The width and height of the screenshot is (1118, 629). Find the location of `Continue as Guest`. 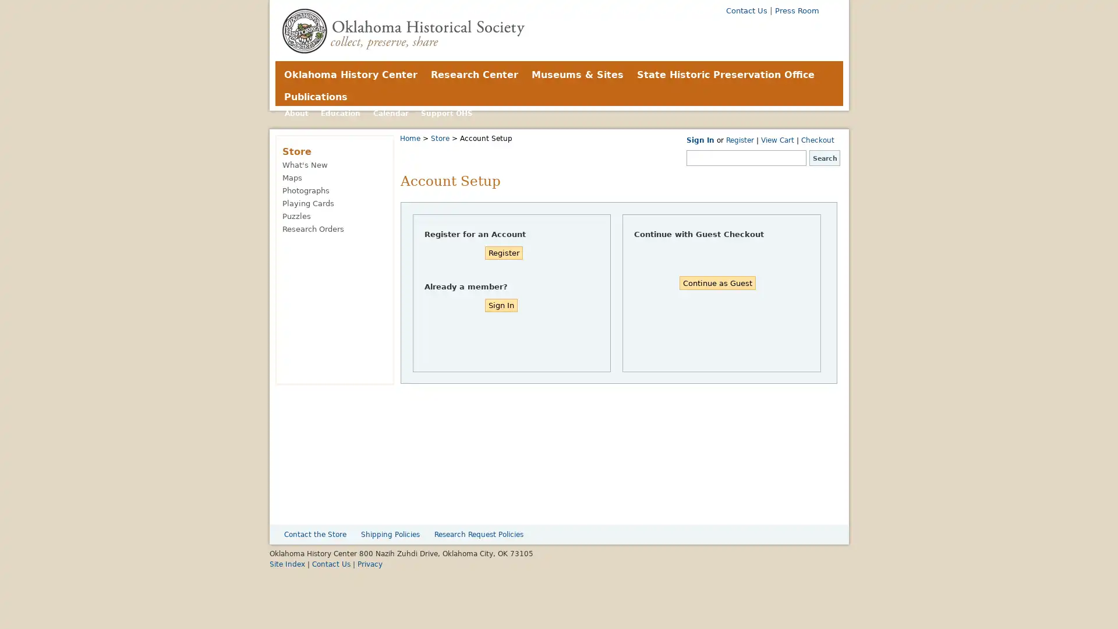

Continue as Guest is located at coordinates (717, 282).